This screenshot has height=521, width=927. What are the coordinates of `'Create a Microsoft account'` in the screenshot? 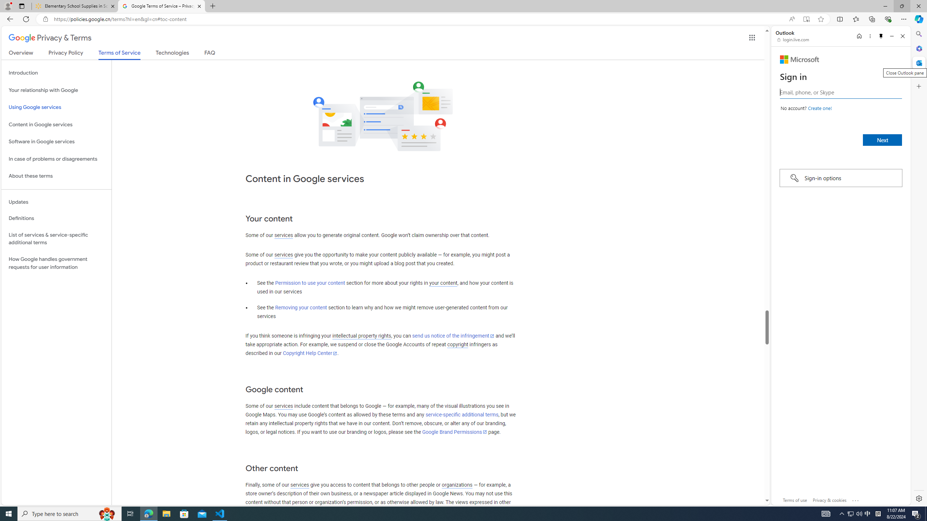 It's located at (819, 108).